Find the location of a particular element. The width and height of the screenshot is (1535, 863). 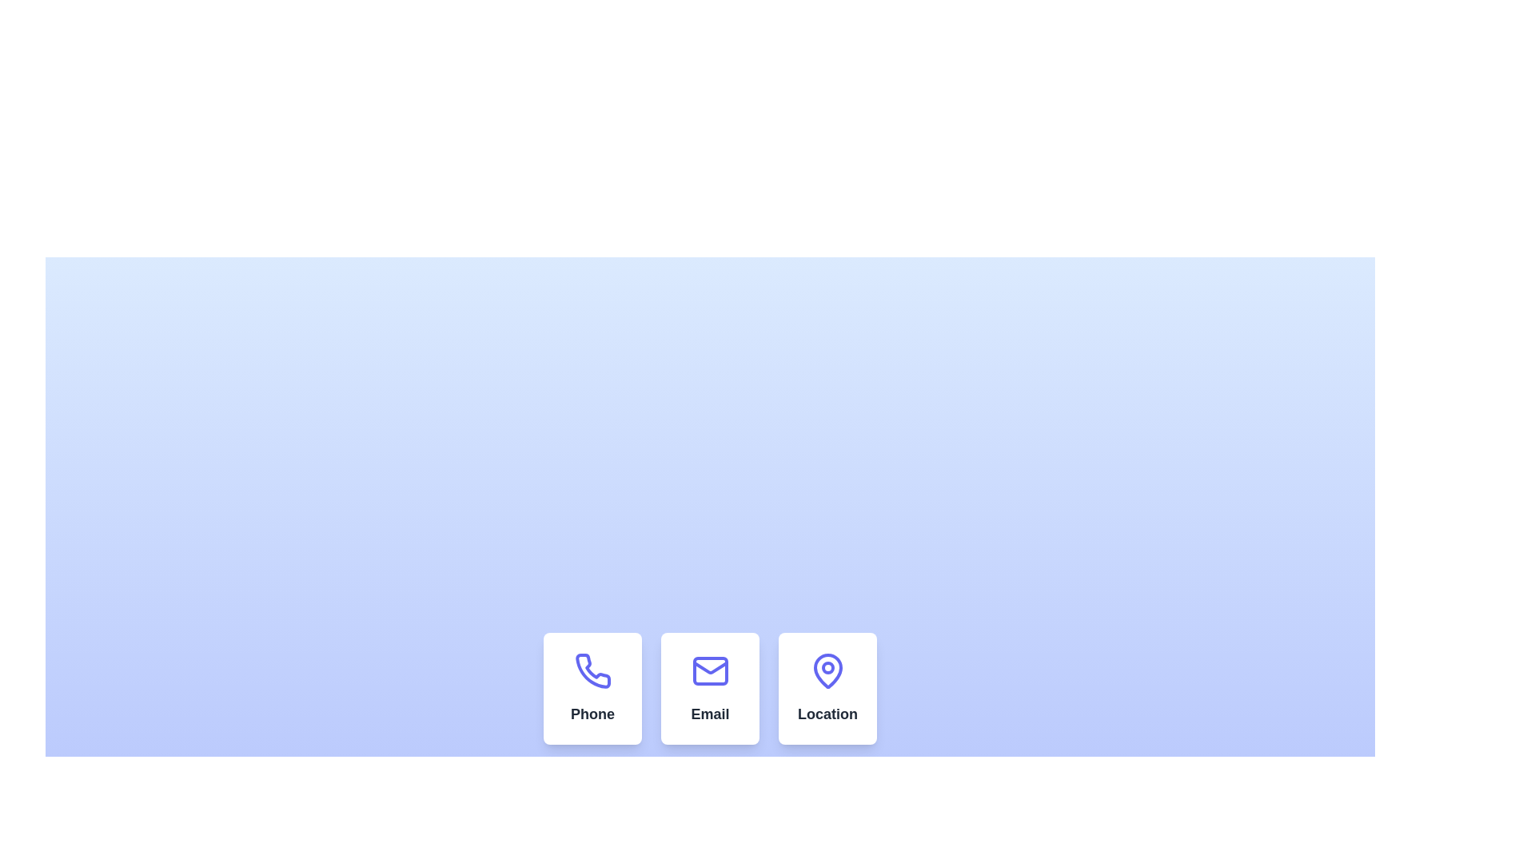

the rightmost card in a row of three cards, which provides information related to a location is located at coordinates (827, 687).